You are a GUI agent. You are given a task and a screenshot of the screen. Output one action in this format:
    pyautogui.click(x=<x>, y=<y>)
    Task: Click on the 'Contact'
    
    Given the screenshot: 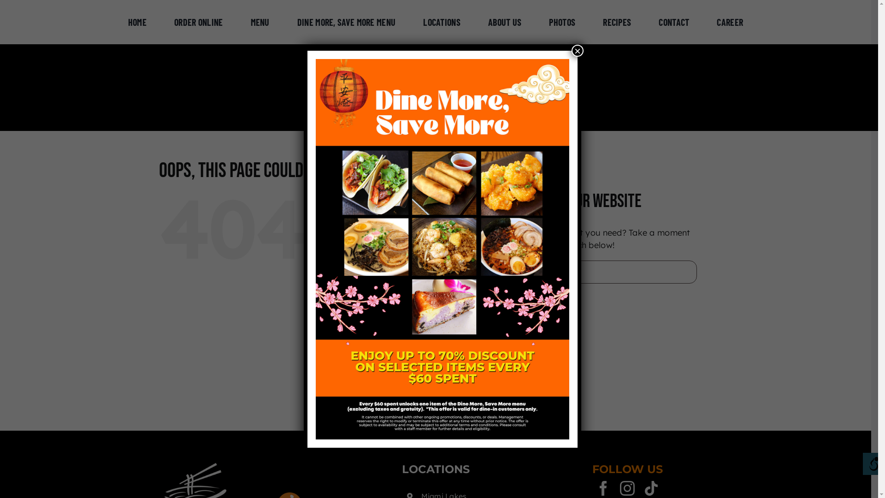 What is the action you would take?
    pyautogui.click(x=401, y=376)
    